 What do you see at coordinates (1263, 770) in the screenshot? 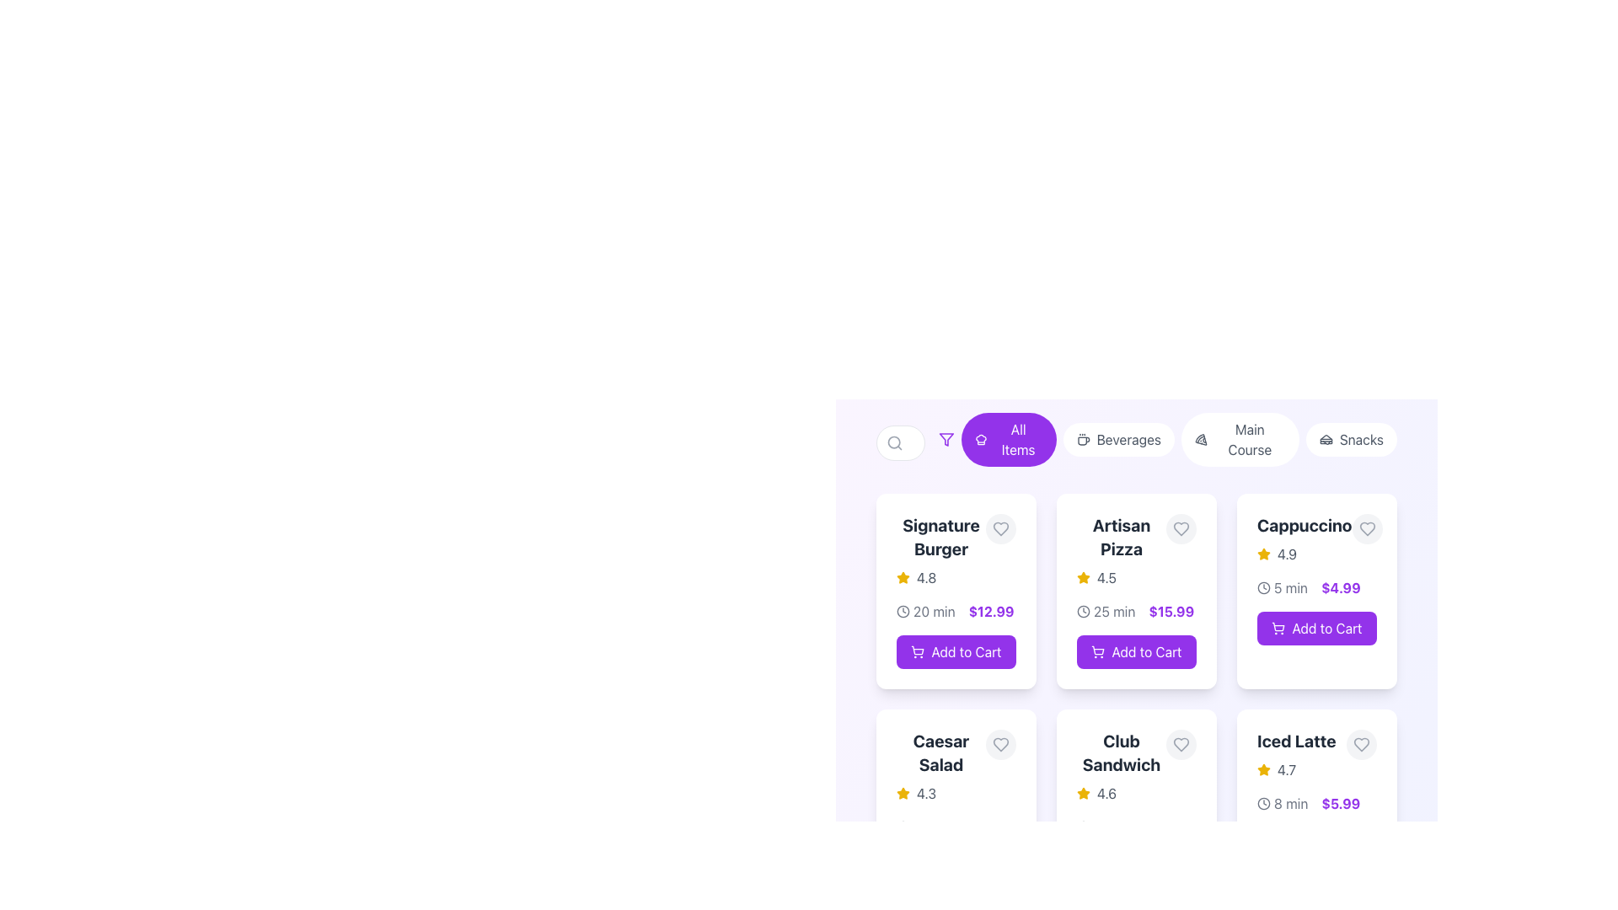
I see `the star icon representing the rating score of '4.7' for the item 'Iced Latte', located at the bottom-right corner of the menu grid` at bounding box center [1263, 770].